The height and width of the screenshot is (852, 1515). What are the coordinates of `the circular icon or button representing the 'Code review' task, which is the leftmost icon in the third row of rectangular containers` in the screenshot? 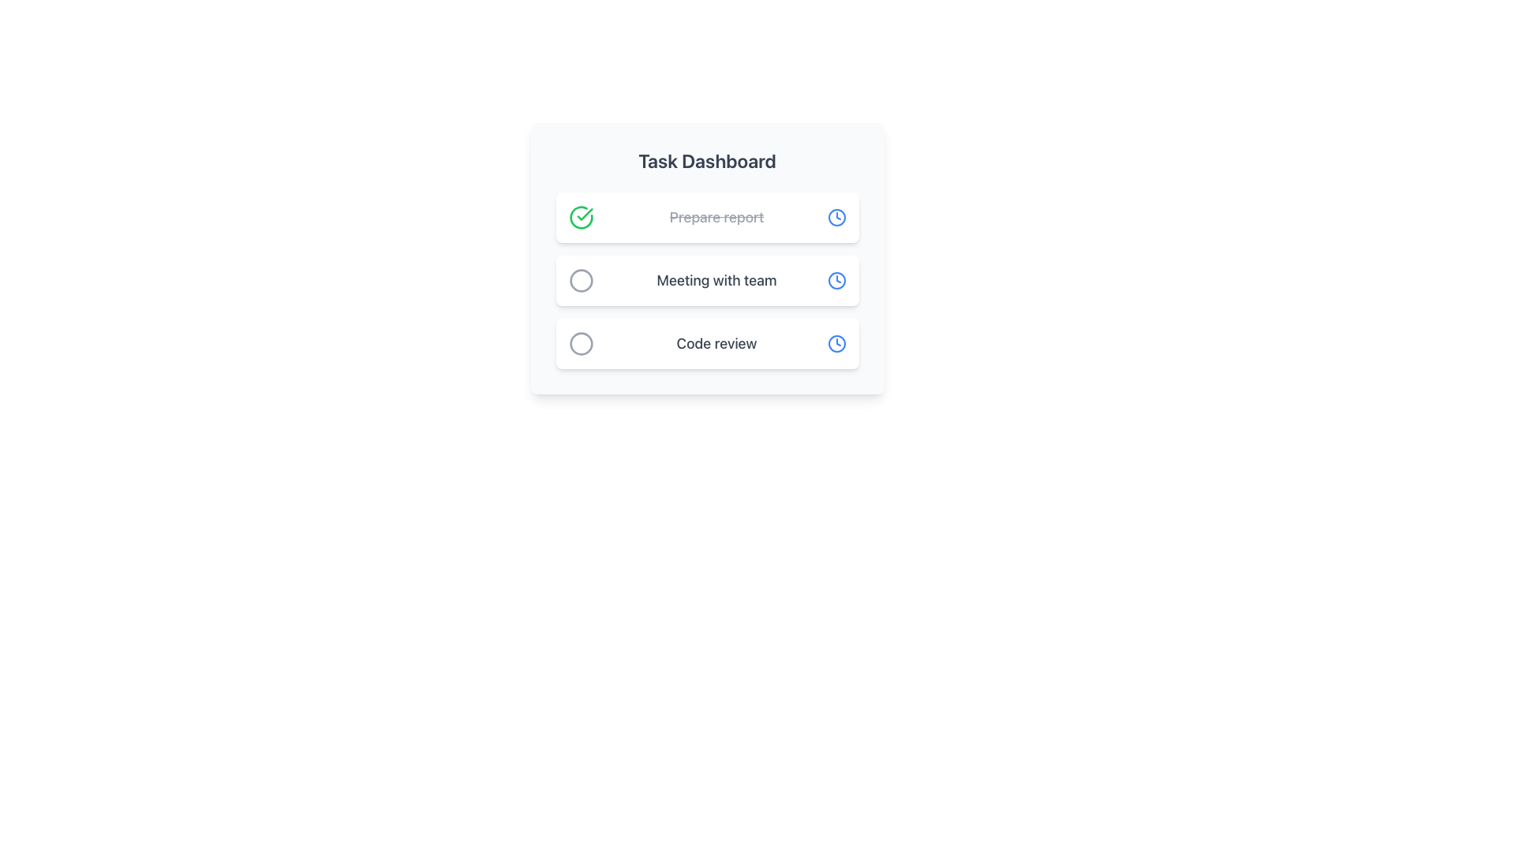 It's located at (580, 342).